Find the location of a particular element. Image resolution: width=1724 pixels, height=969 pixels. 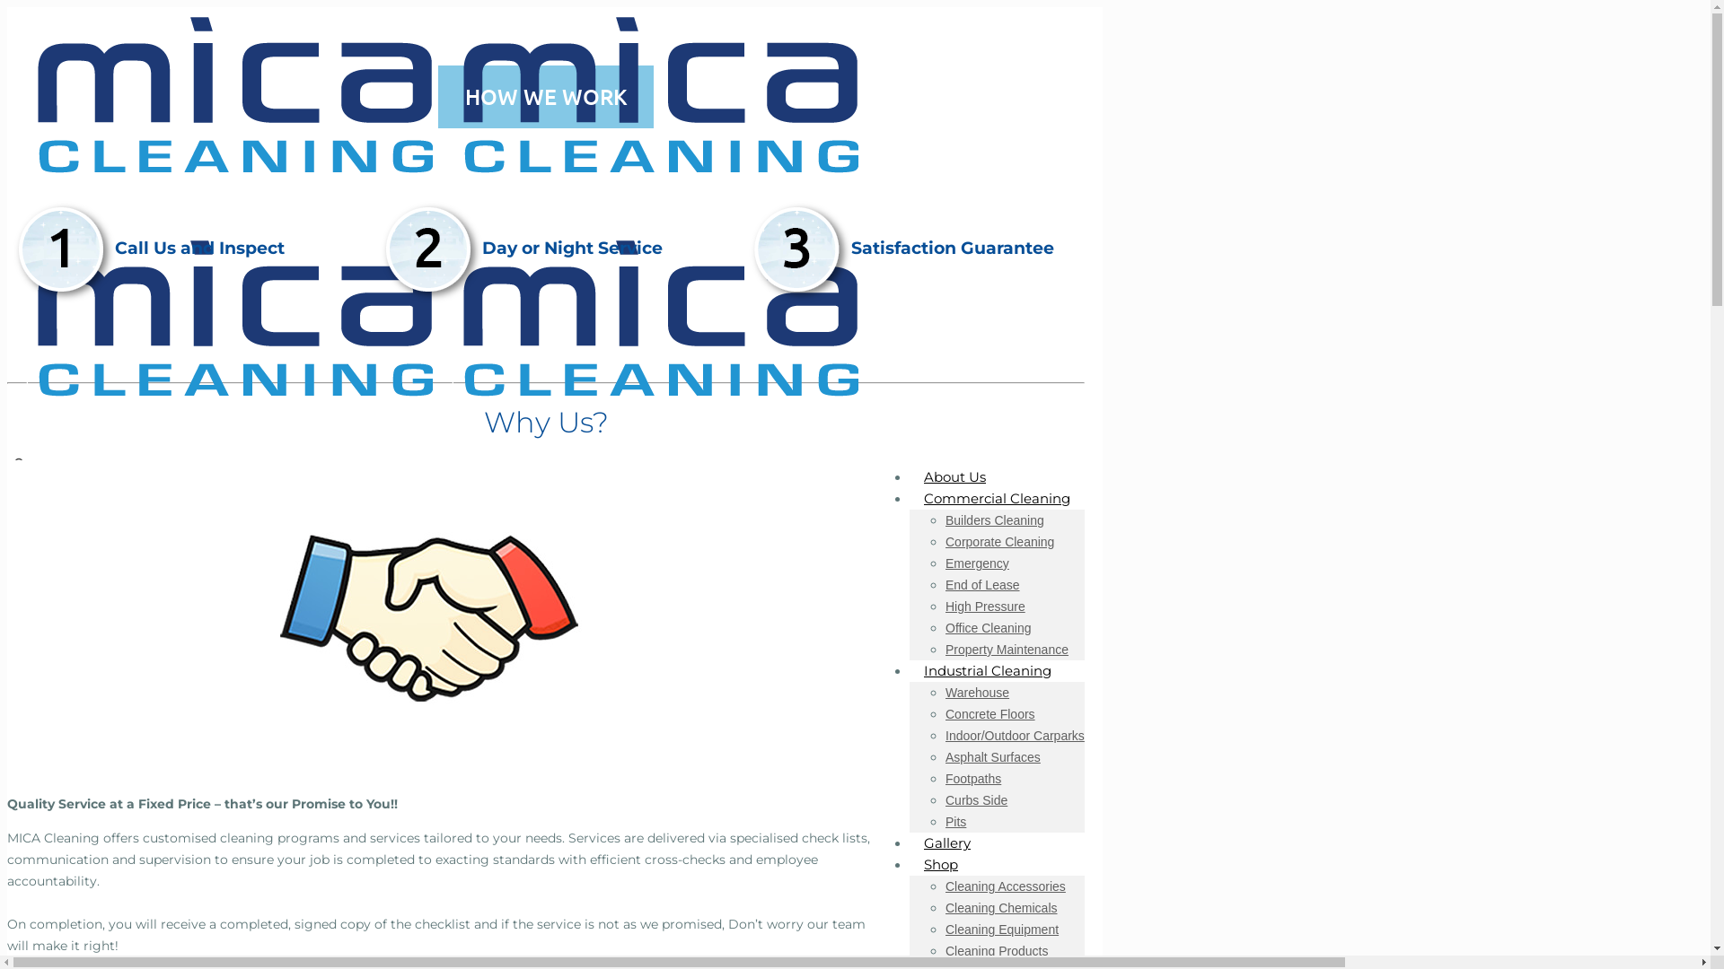

'Indoor/Outdoor Carparks' is located at coordinates (1015, 736).